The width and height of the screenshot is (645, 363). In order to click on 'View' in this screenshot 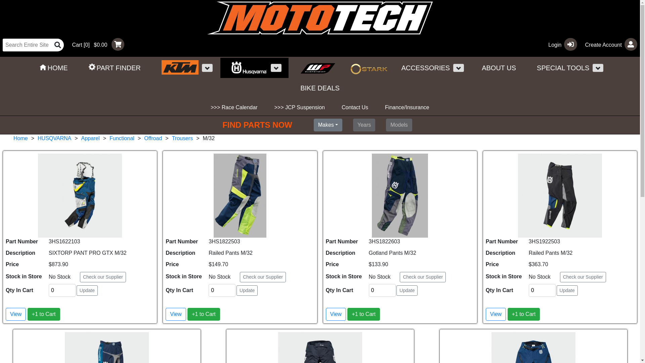, I will do `click(16, 314)`.